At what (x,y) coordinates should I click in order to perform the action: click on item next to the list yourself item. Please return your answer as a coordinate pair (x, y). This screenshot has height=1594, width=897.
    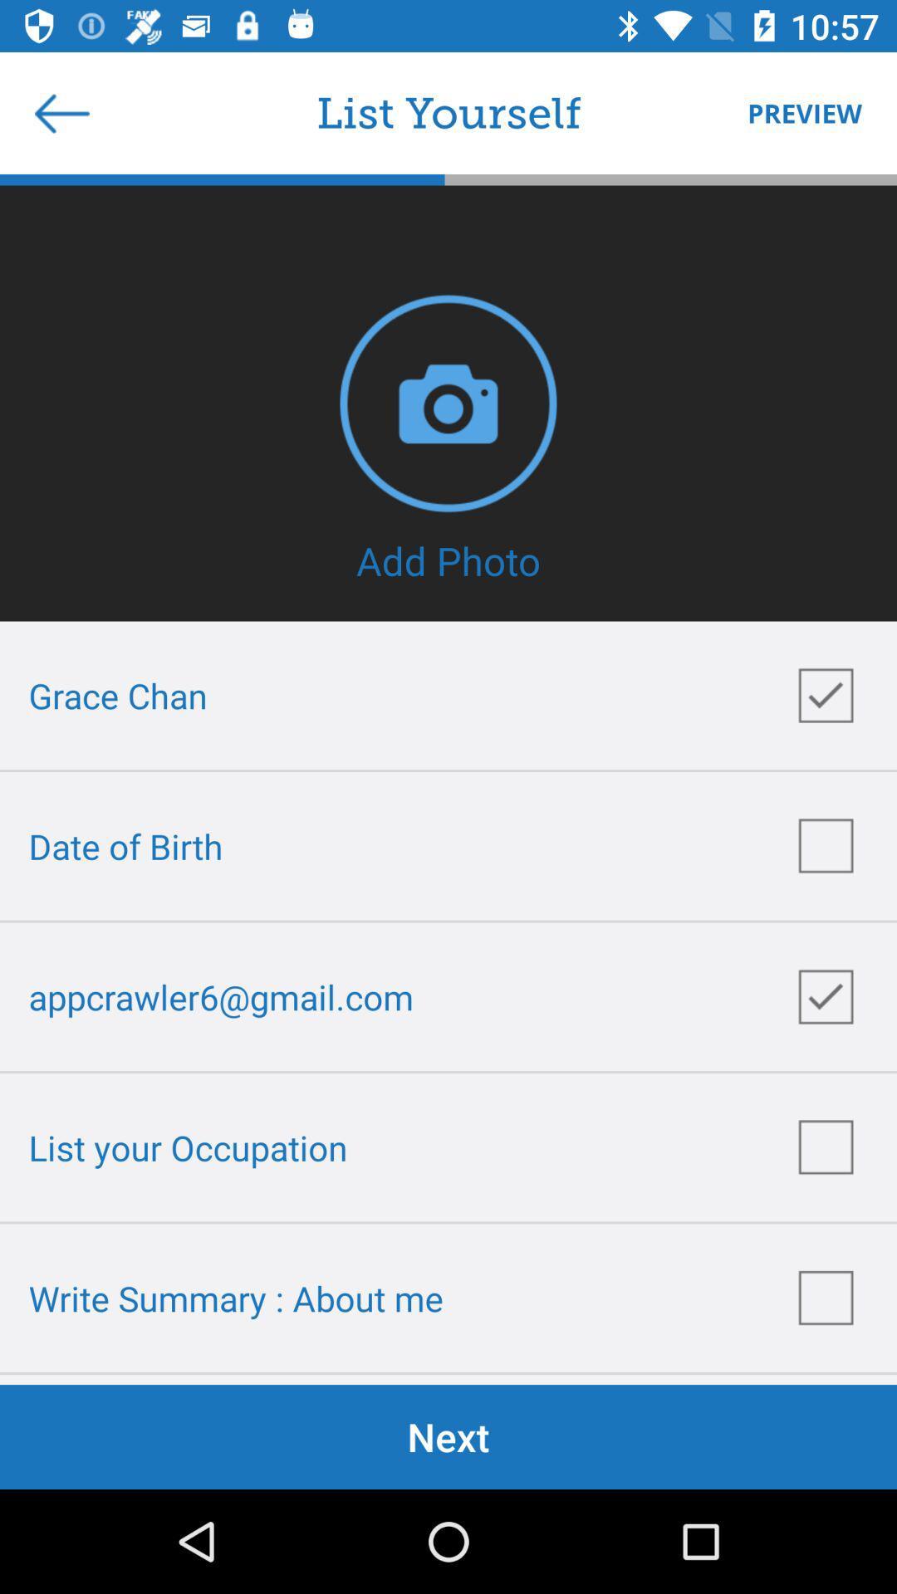
    Looking at the image, I should click on (61, 112).